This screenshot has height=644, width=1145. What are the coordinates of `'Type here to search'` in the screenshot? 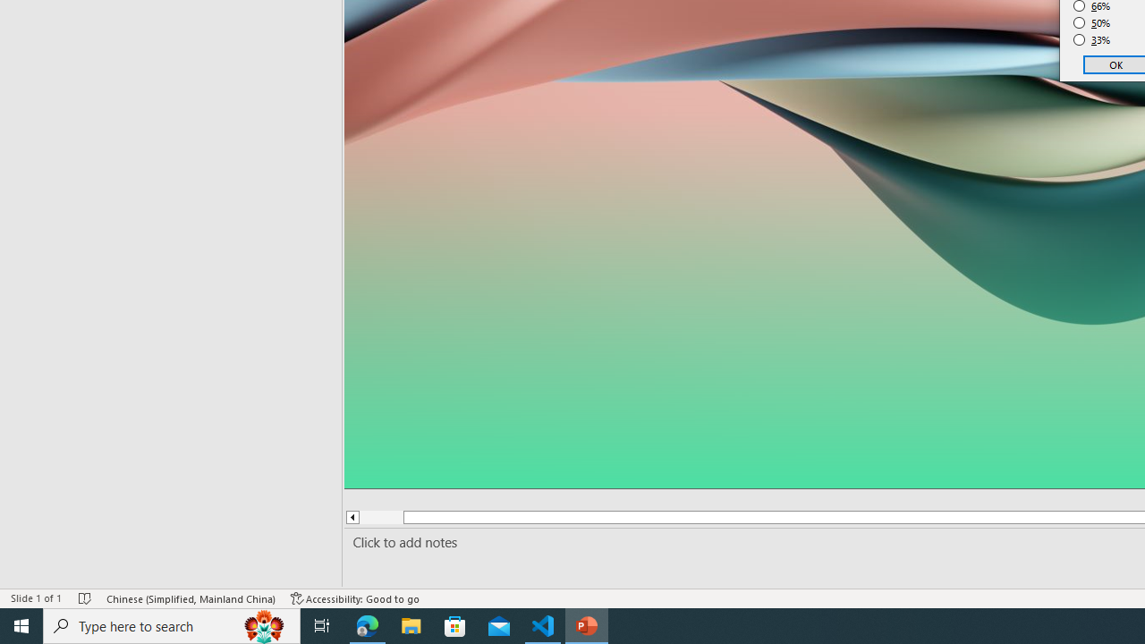 It's located at (172, 624).